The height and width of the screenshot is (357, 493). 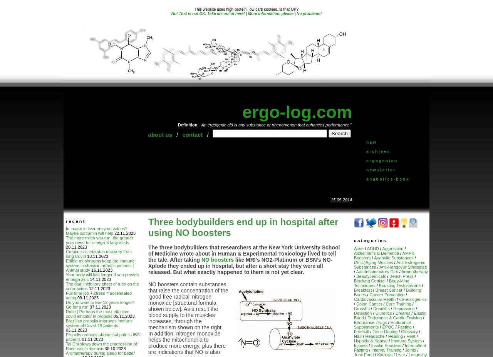 What do you see at coordinates (243, 227) in the screenshot?
I see `'Three bodybuilders end up in hospital after using NO boosters'` at bounding box center [243, 227].